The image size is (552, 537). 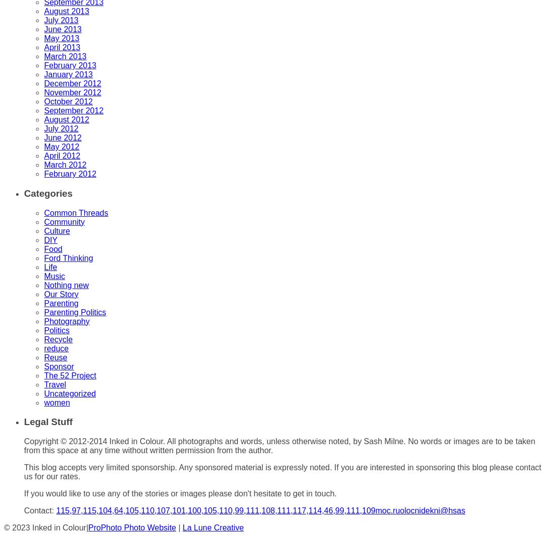 I want to click on 'moc.ruolocnidekni@hsas', so click(x=420, y=510).